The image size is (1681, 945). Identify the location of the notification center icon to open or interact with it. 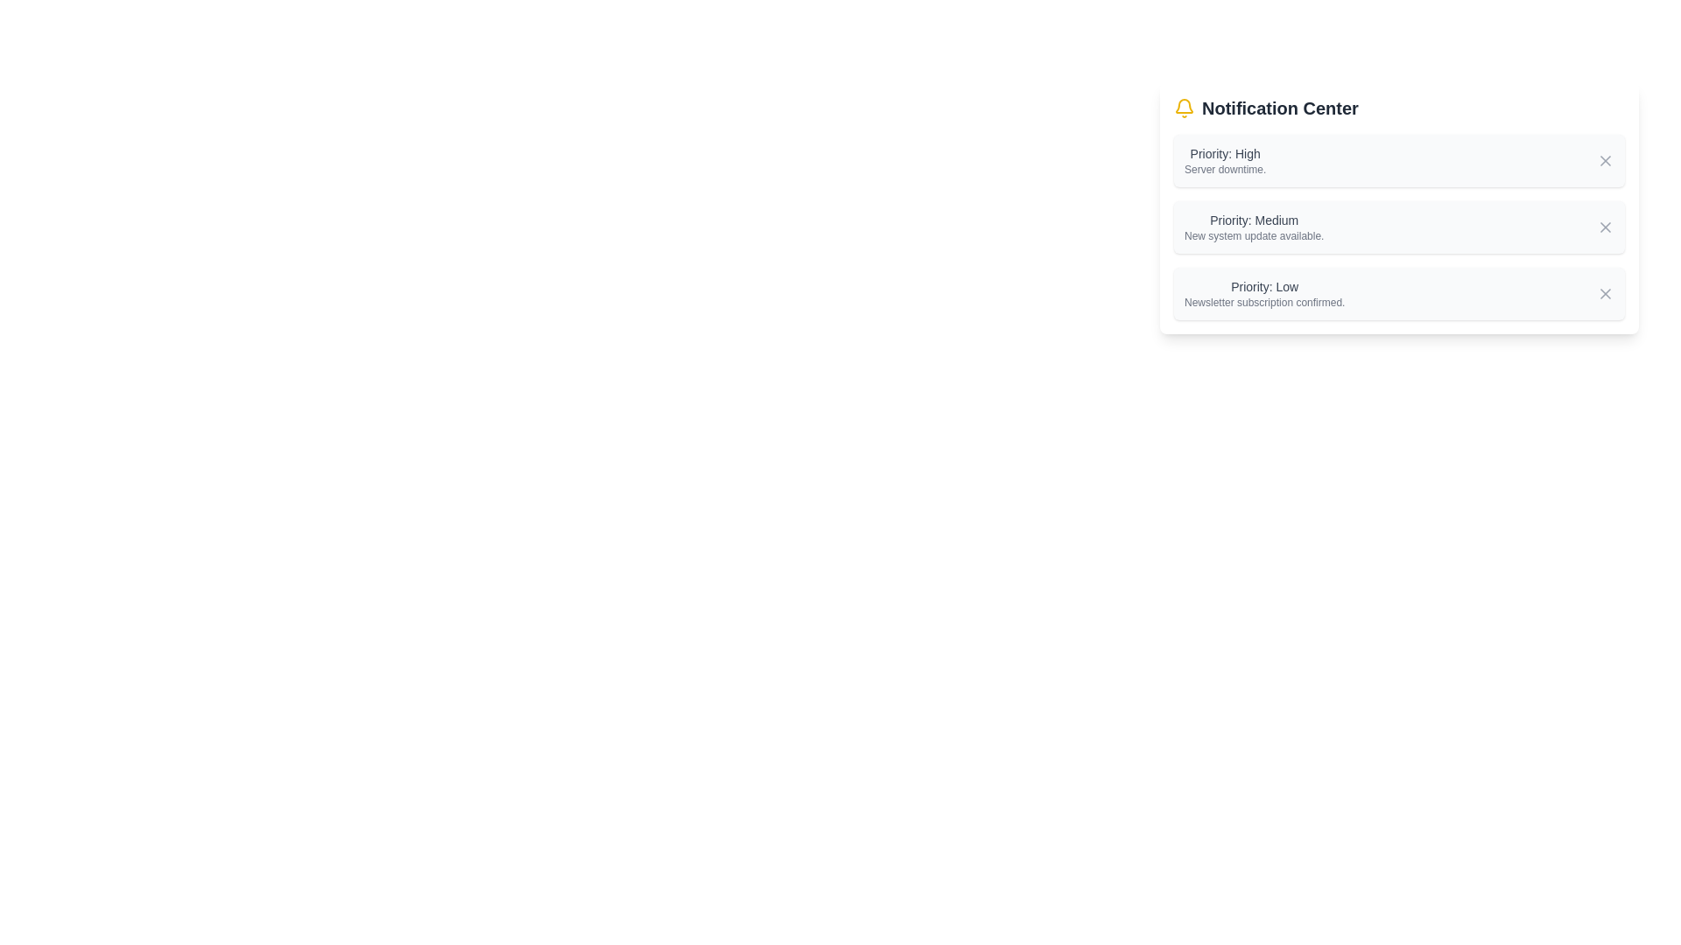
(1185, 108).